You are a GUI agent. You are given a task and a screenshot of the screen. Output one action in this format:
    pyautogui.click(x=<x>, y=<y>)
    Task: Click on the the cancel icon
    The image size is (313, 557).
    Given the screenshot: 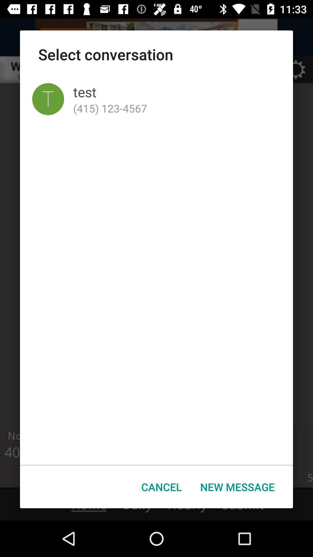 What is the action you would take?
    pyautogui.click(x=161, y=487)
    